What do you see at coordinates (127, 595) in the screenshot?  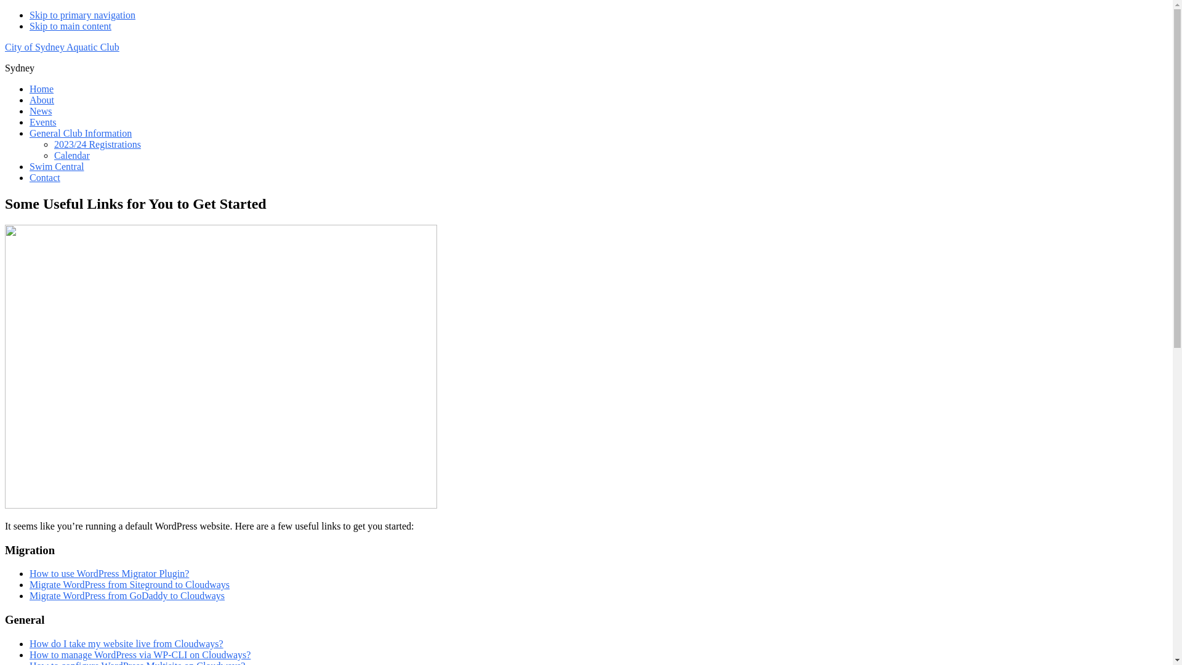 I see `'Migrate WordPress from GoDaddy to Cloudways'` at bounding box center [127, 595].